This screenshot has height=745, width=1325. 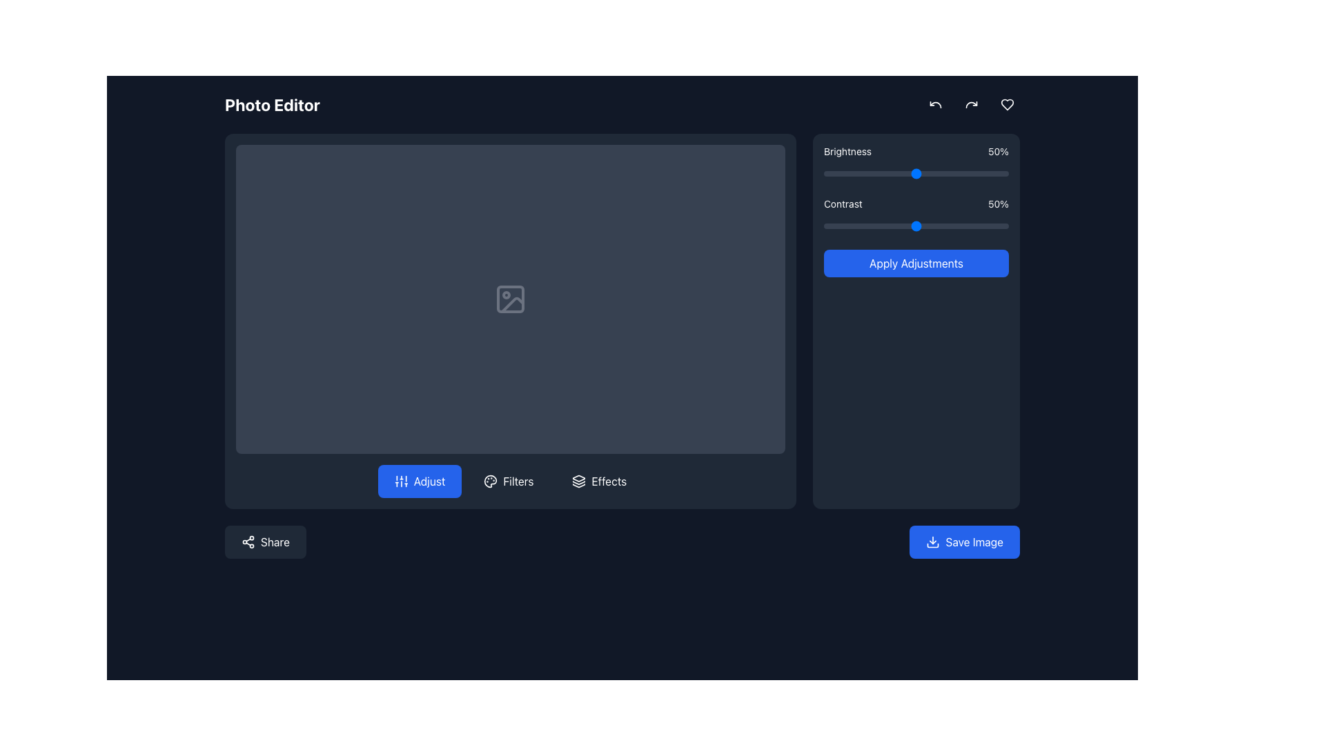 What do you see at coordinates (509, 480) in the screenshot?
I see `the segmented control toolbar at the bottom of the main content area` at bounding box center [509, 480].